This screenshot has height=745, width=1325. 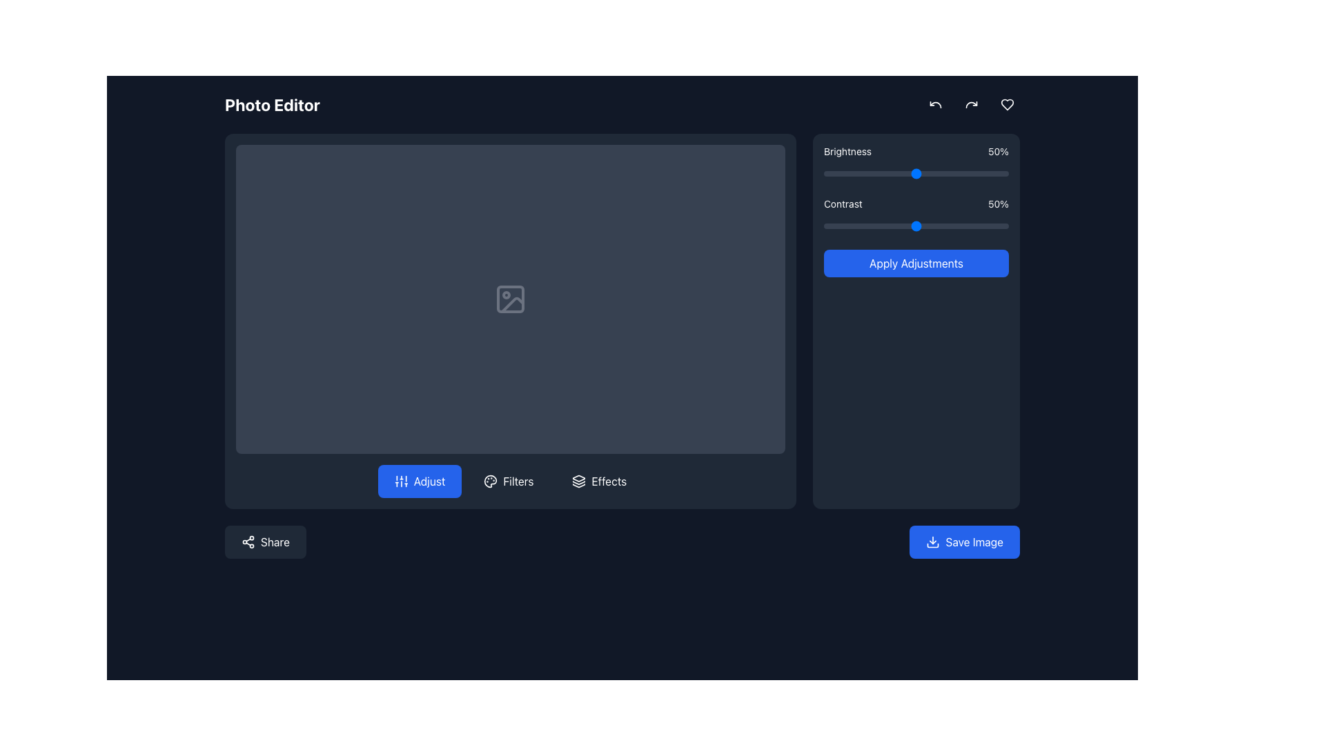 What do you see at coordinates (509, 480) in the screenshot?
I see `the segmented control toolbar at the bottom of the main content area` at bounding box center [509, 480].